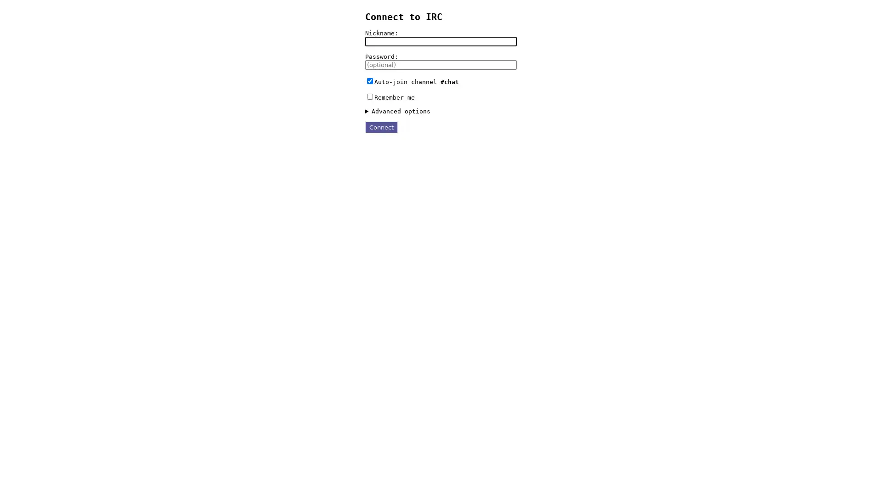  I want to click on Advanced options, so click(441, 111).